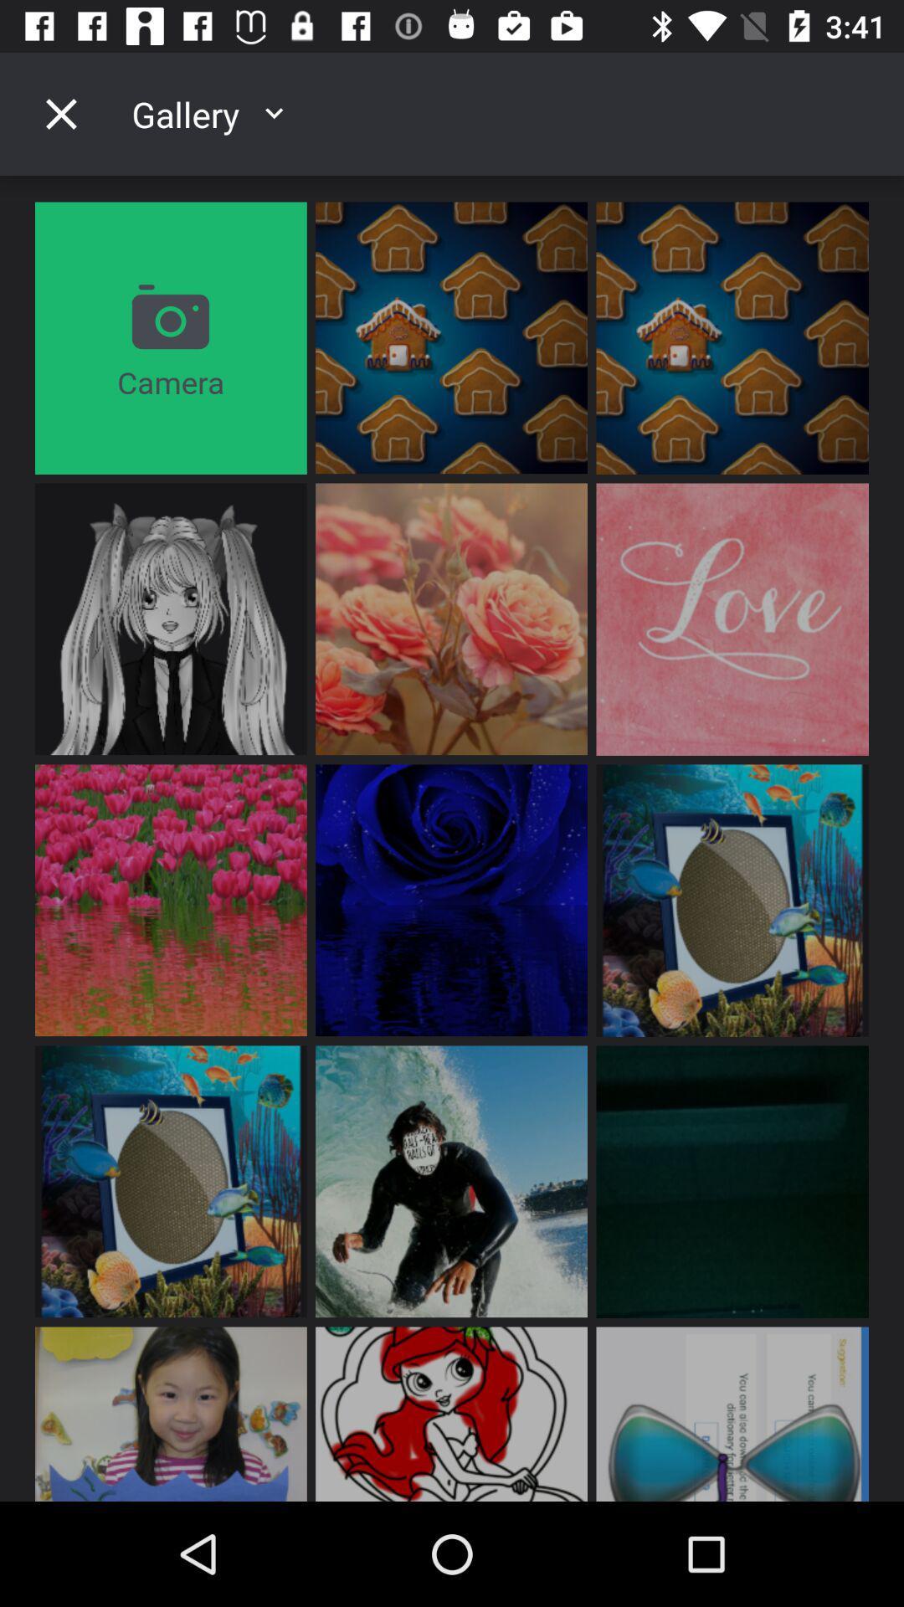  I want to click on the icon above camera, so click(60, 113).